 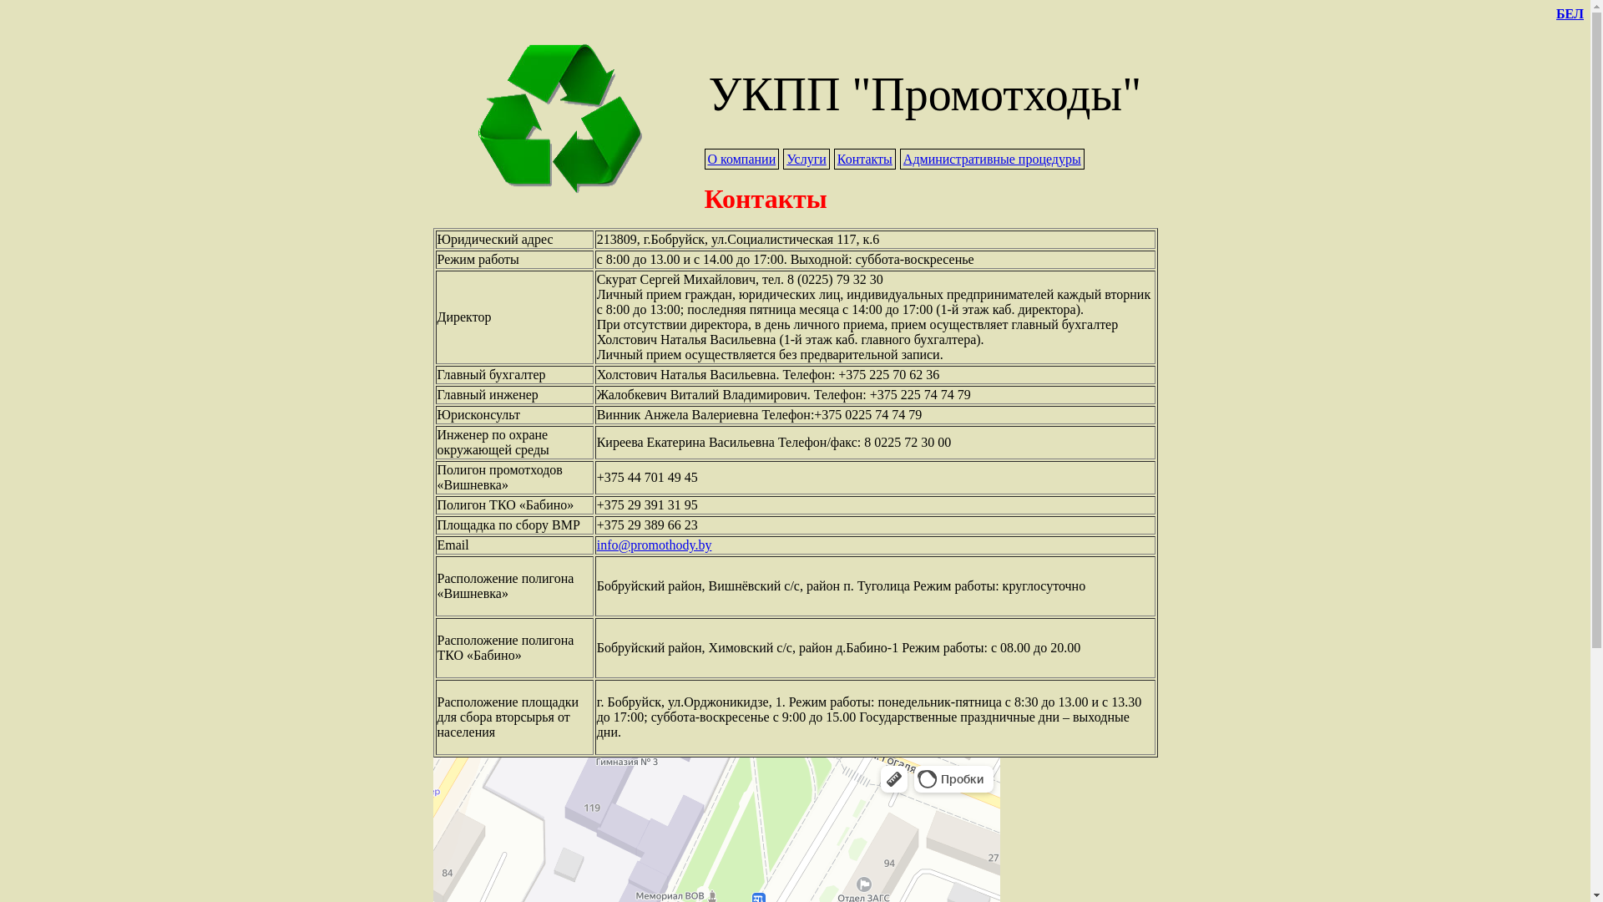 What do you see at coordinates (653, 545) in the screenshot?
I see `'info@promothody.by'` at bounding box center [653, 545].